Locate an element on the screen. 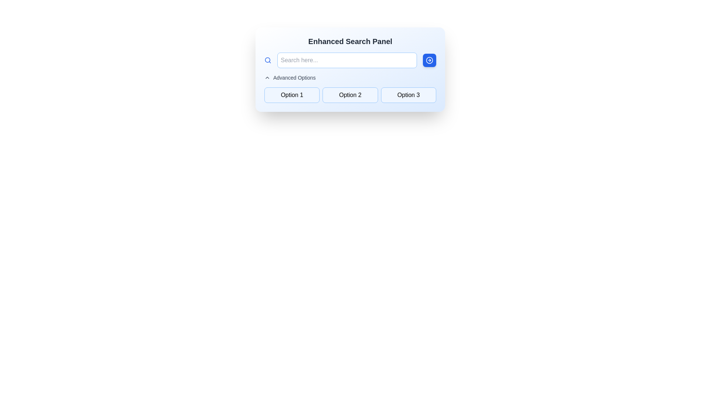 The width and height of the screenshot is (711, 400). the button labeled 'Option 2' is located at coordinates (350, 88).